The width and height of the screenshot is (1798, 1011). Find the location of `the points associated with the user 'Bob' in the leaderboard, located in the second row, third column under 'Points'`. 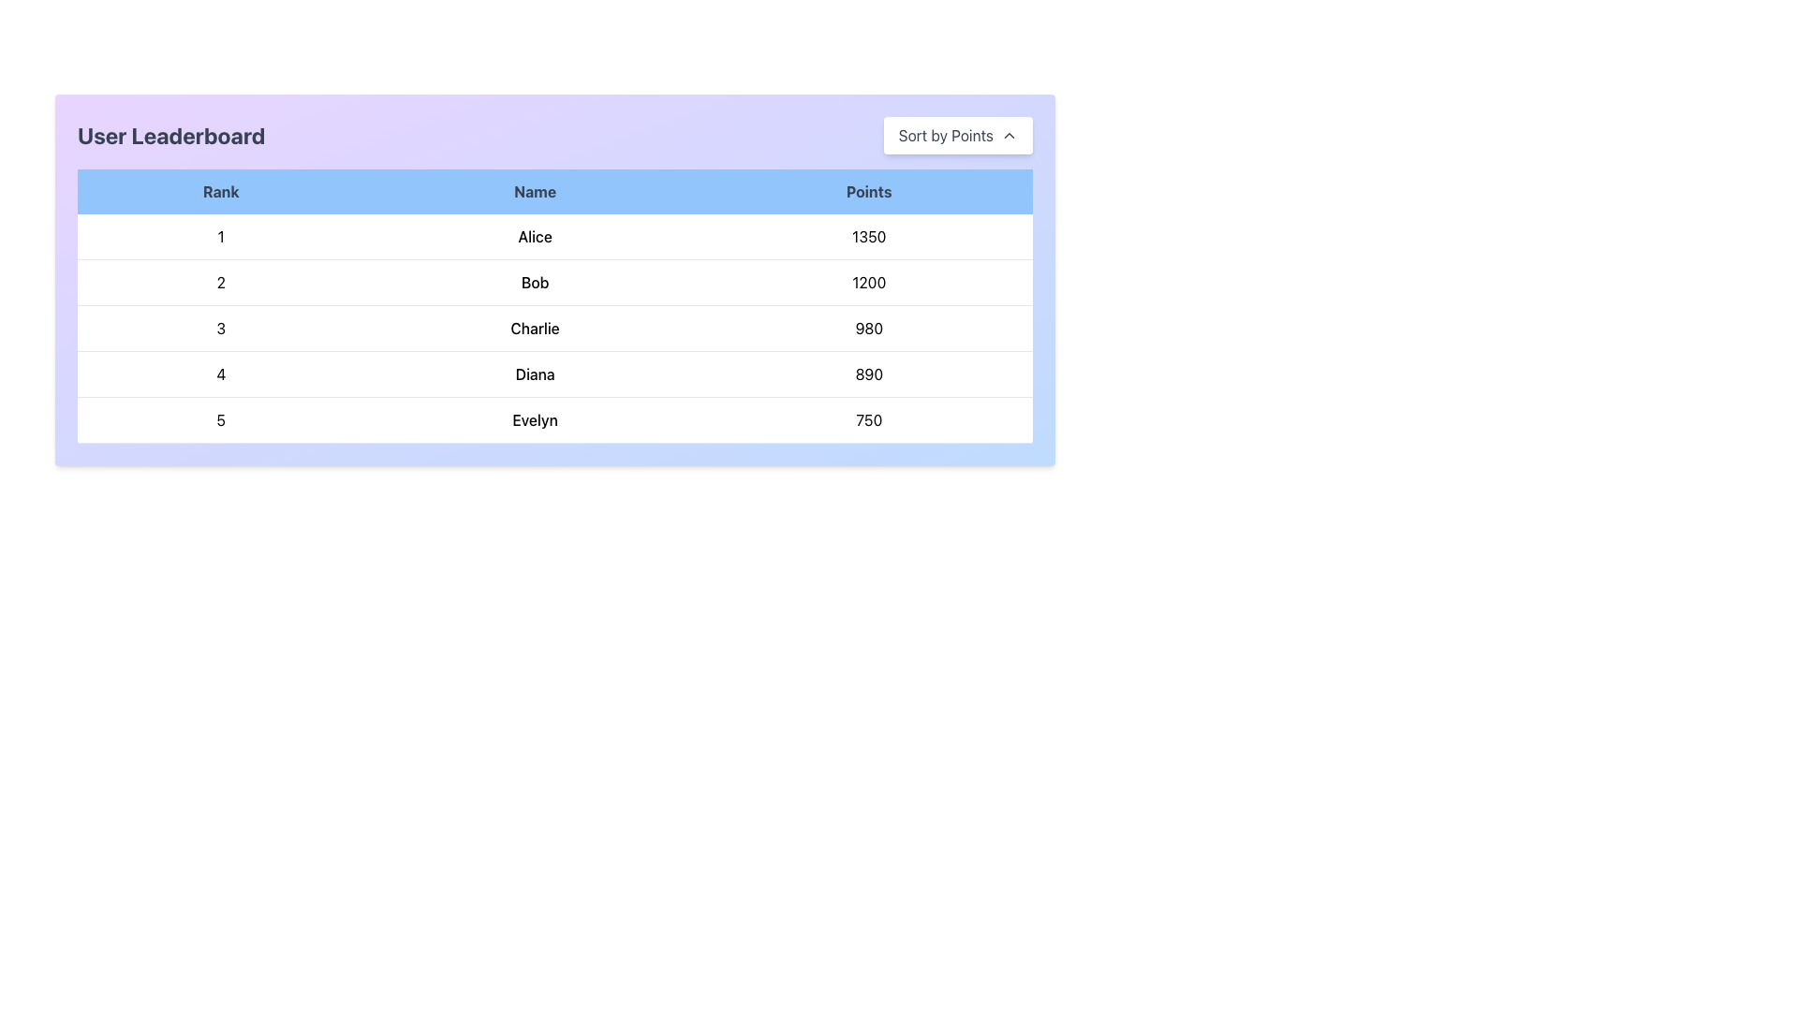

the points associated with the user 'Bob' in the leaderboard, located in the second row, third column under 'Points' is located at coordinates (868, 282).